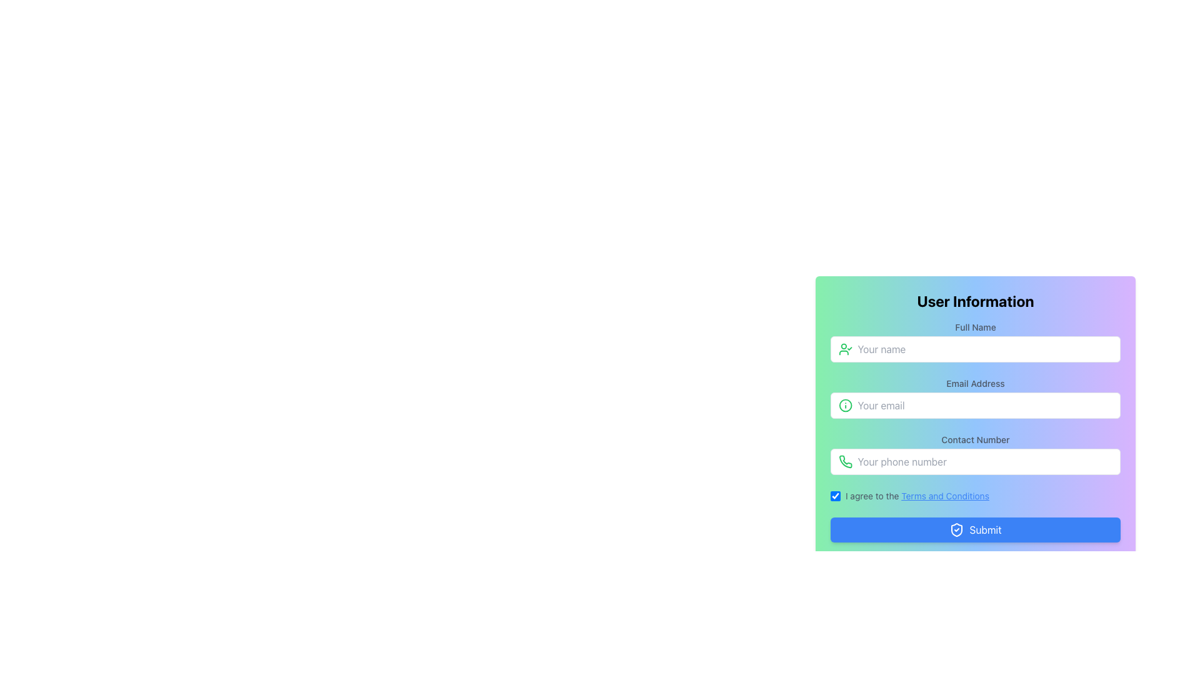  What do you see at coordinates (956, 530) in the screenshot?
I see `the shield icon with a checkmark inside, which is located on the left side of the 'Submit' button, indicating security or approval` at bounding box center [956, 530].